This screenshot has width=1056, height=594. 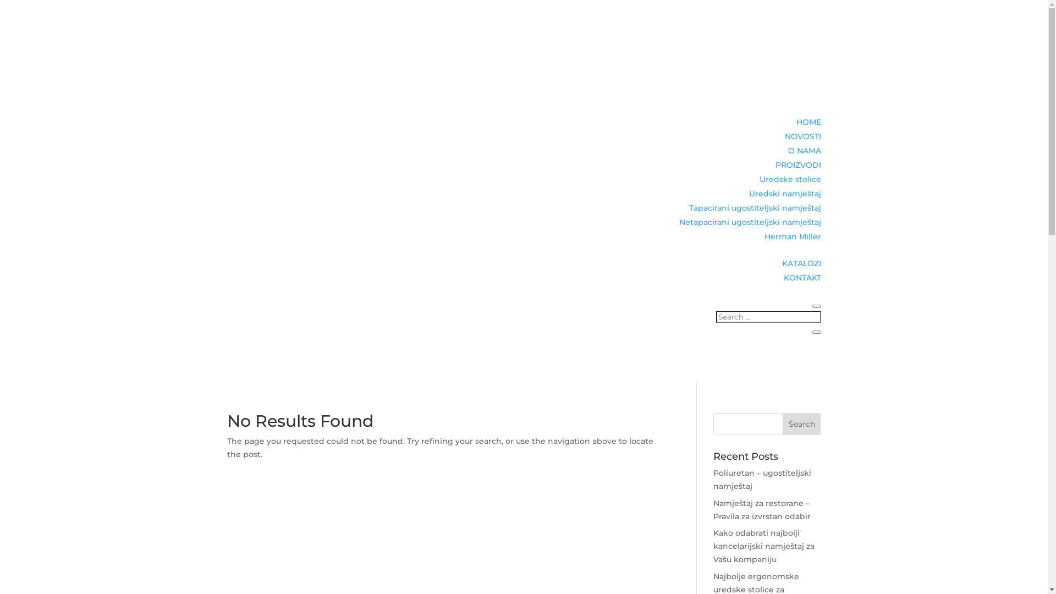 What do you see at coordinates (801, 263) in the screenshot?
I see `'KATALOZI'` at bounding box center [801, 263].